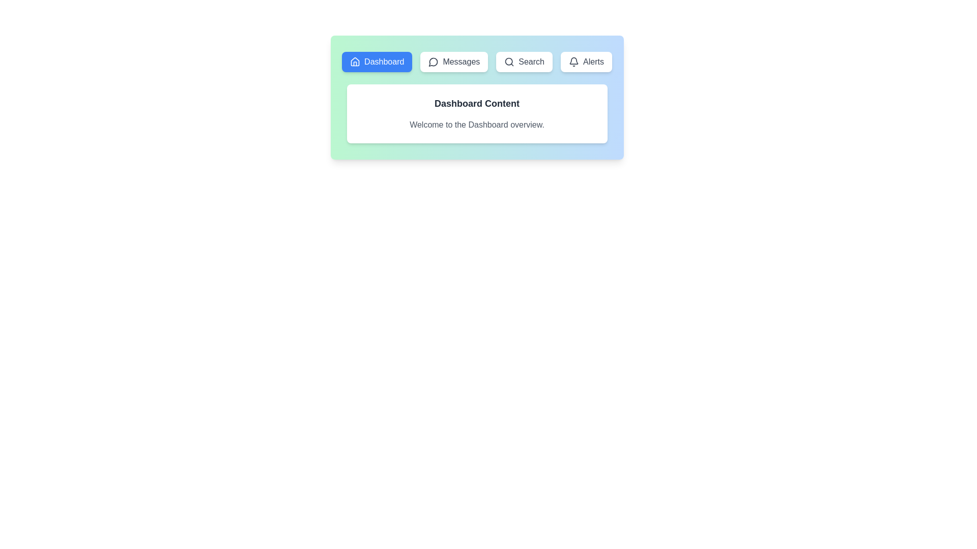  Describe the element at coordinates (586, 62) in the screenshot. I see `the tab labeled Alerts` at that location.